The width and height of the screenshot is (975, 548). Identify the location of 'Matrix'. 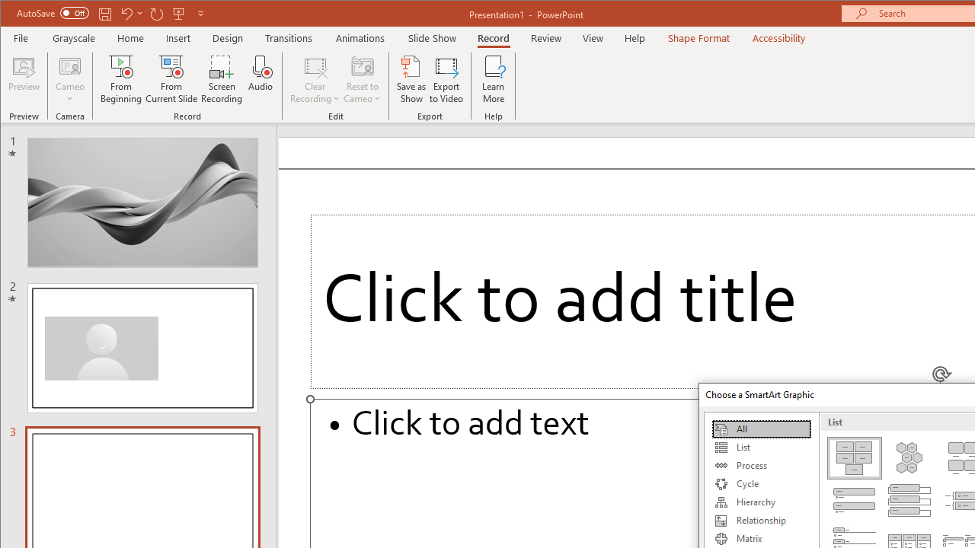
(761, 538).